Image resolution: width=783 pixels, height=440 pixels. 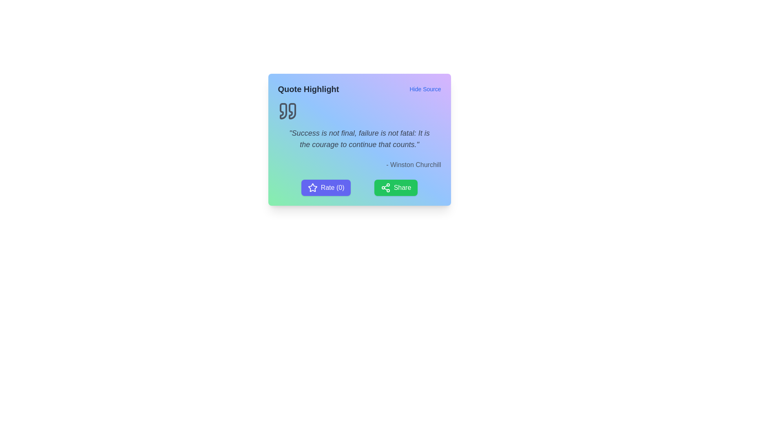 I want to click on the share icon, which is a vector graphic with three small circles connected by diagonal lines, located within the green 'Share' button in the lower right section of the card interface, so click(x=385, y=188).